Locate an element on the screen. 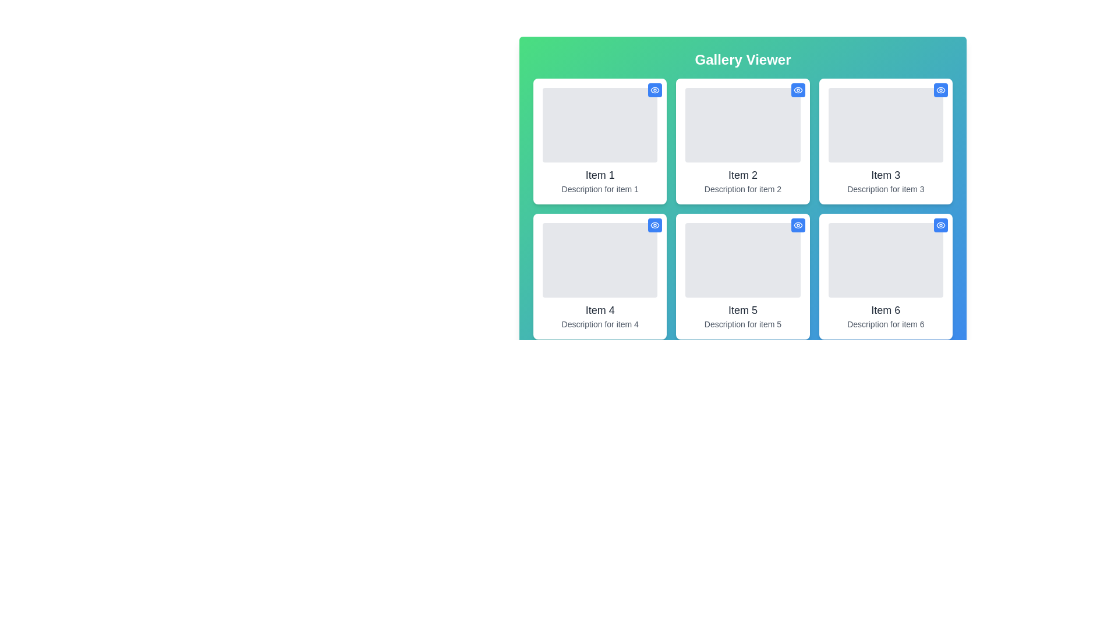 The width and height of the screenshot is (1118, 629). the view action button located in the top-right corner of the card titled 'Item 2' is located at coordinates (797, 89).